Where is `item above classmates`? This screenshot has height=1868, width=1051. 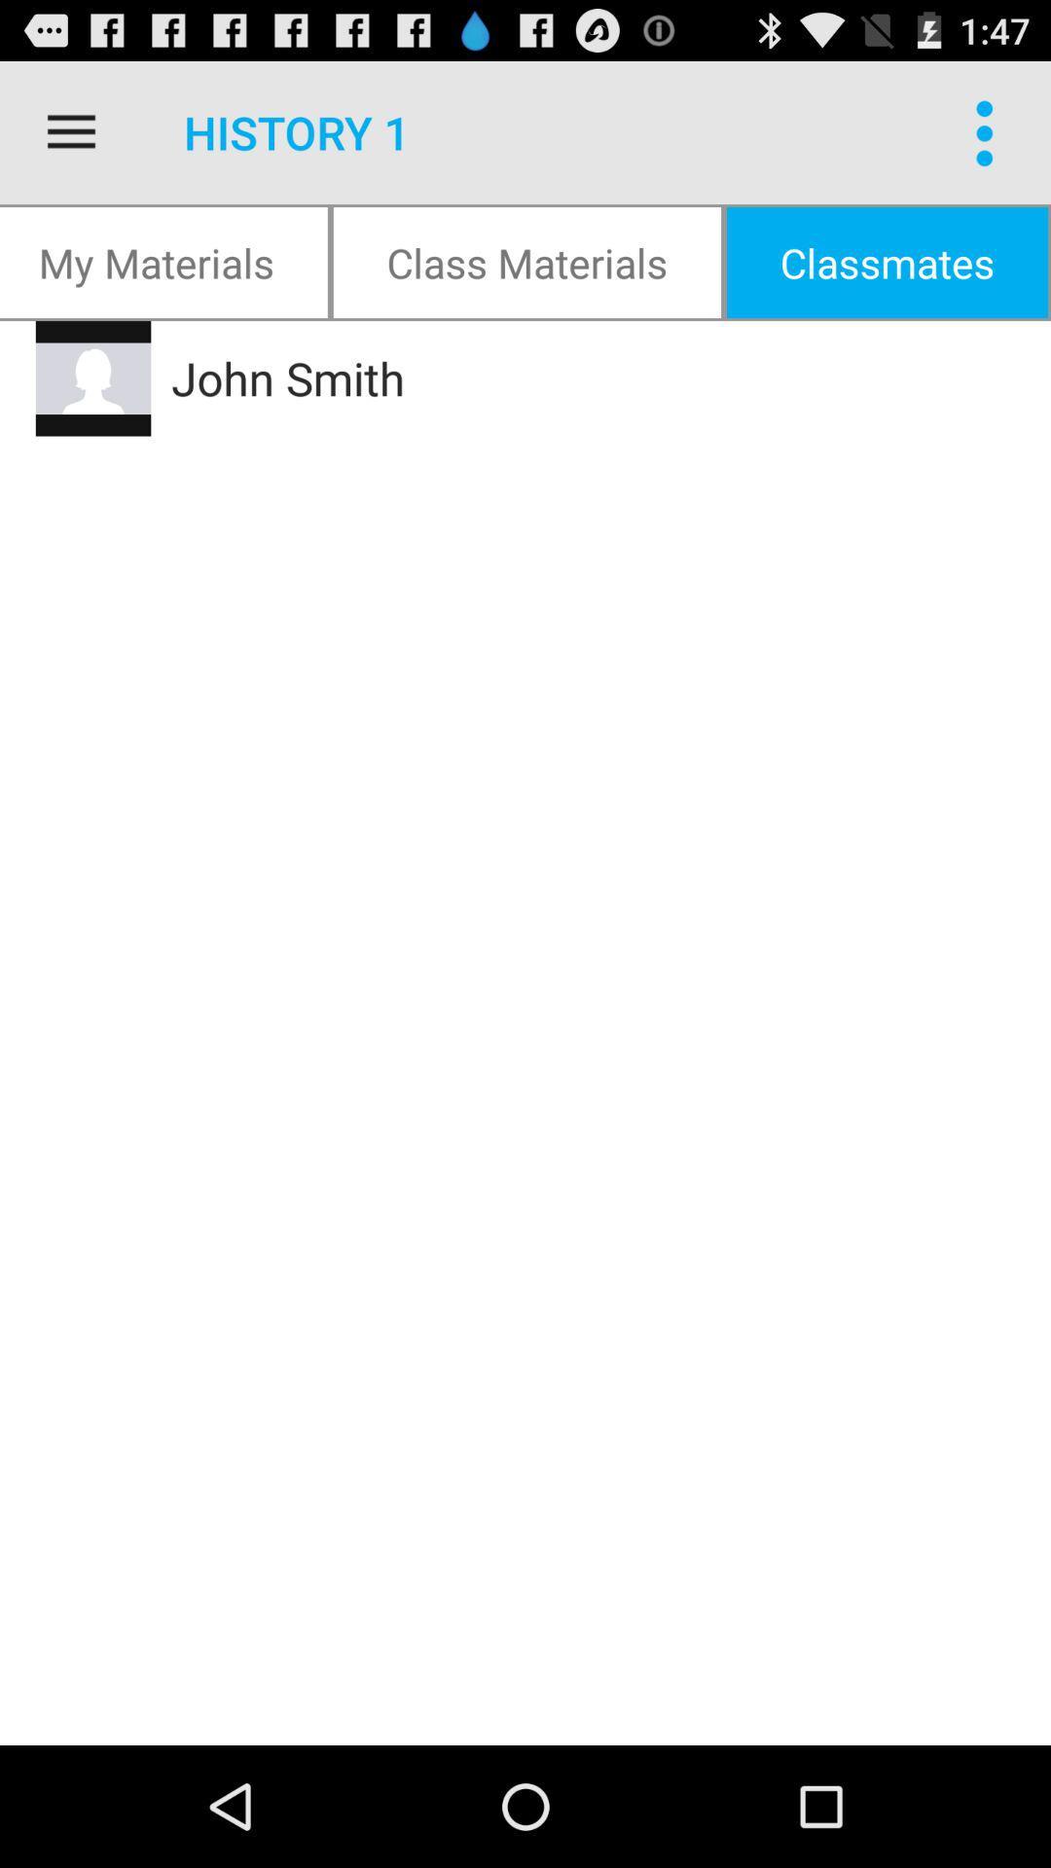
item above classmates is located at coordinates (990, 131).